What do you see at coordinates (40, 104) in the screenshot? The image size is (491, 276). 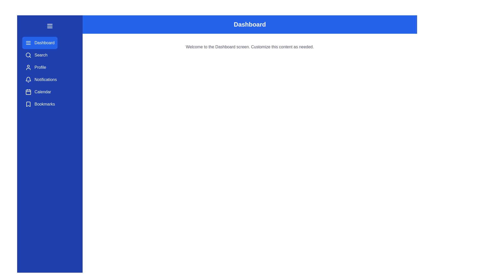 I see `the sixth navigation button in the left-aligned sidebar to trigger visual feedback` at bounding box center [40, 104].